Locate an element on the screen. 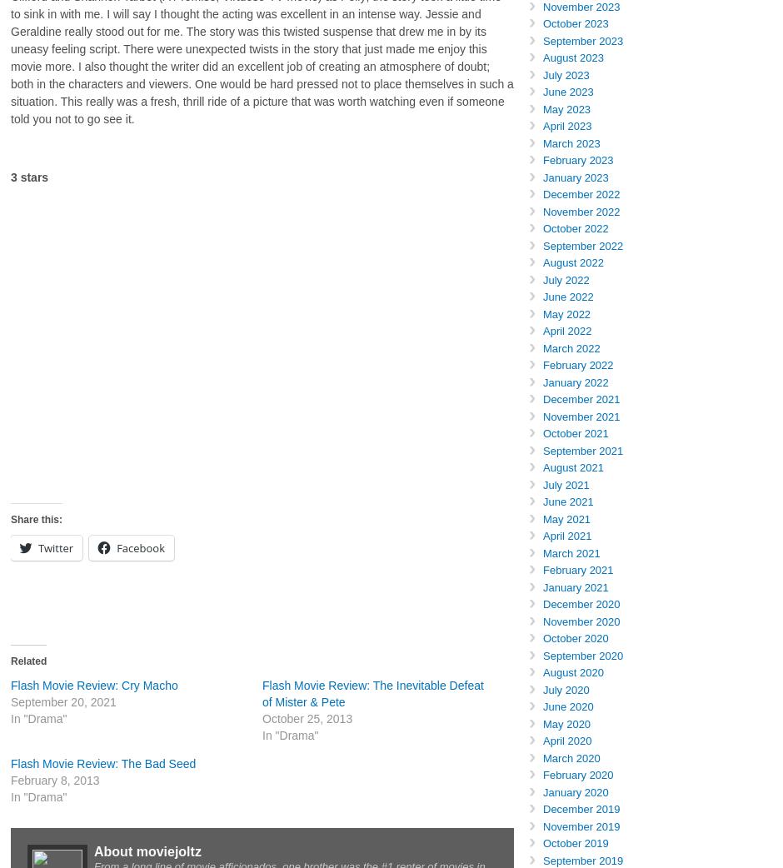 The image size is (783, 868). 'July 2021' is located at coordinates (565, 483).